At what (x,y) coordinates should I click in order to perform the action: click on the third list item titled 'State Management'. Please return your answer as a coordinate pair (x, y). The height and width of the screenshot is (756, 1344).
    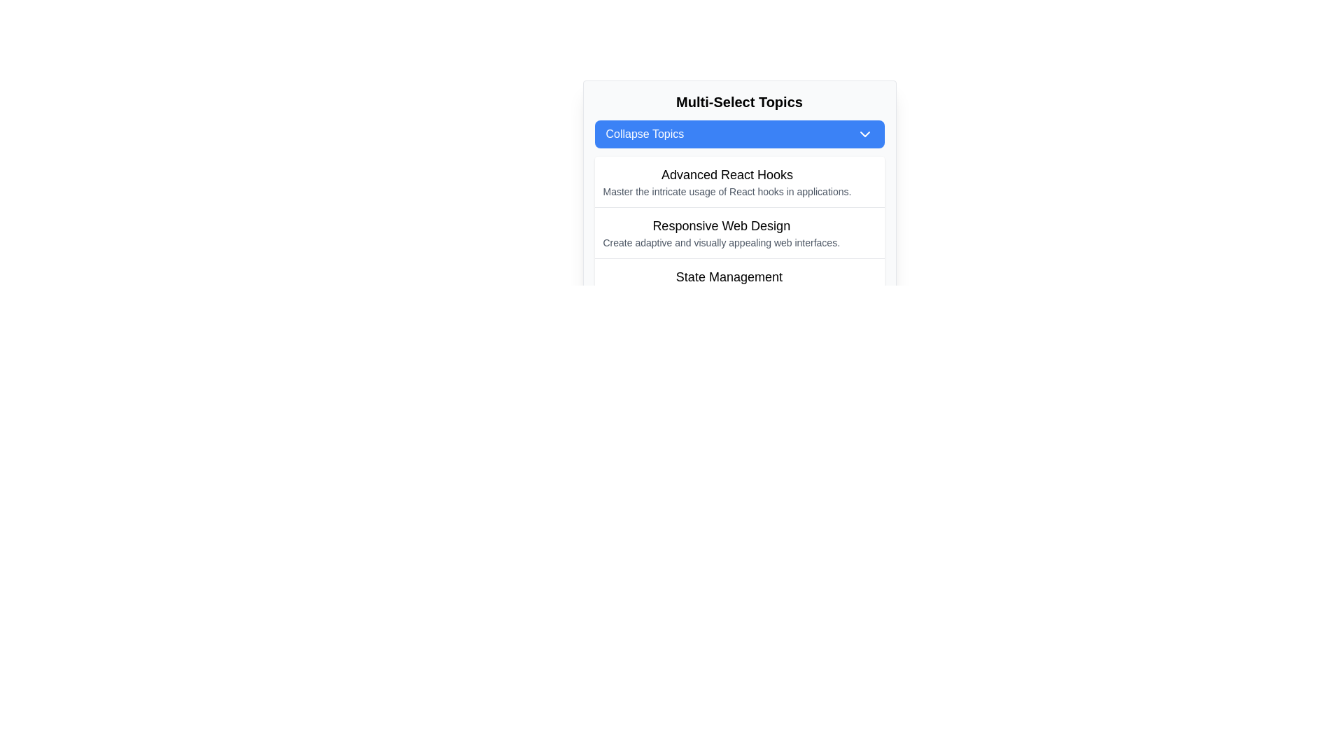
    Looking at the image, I should click on (738, 283).